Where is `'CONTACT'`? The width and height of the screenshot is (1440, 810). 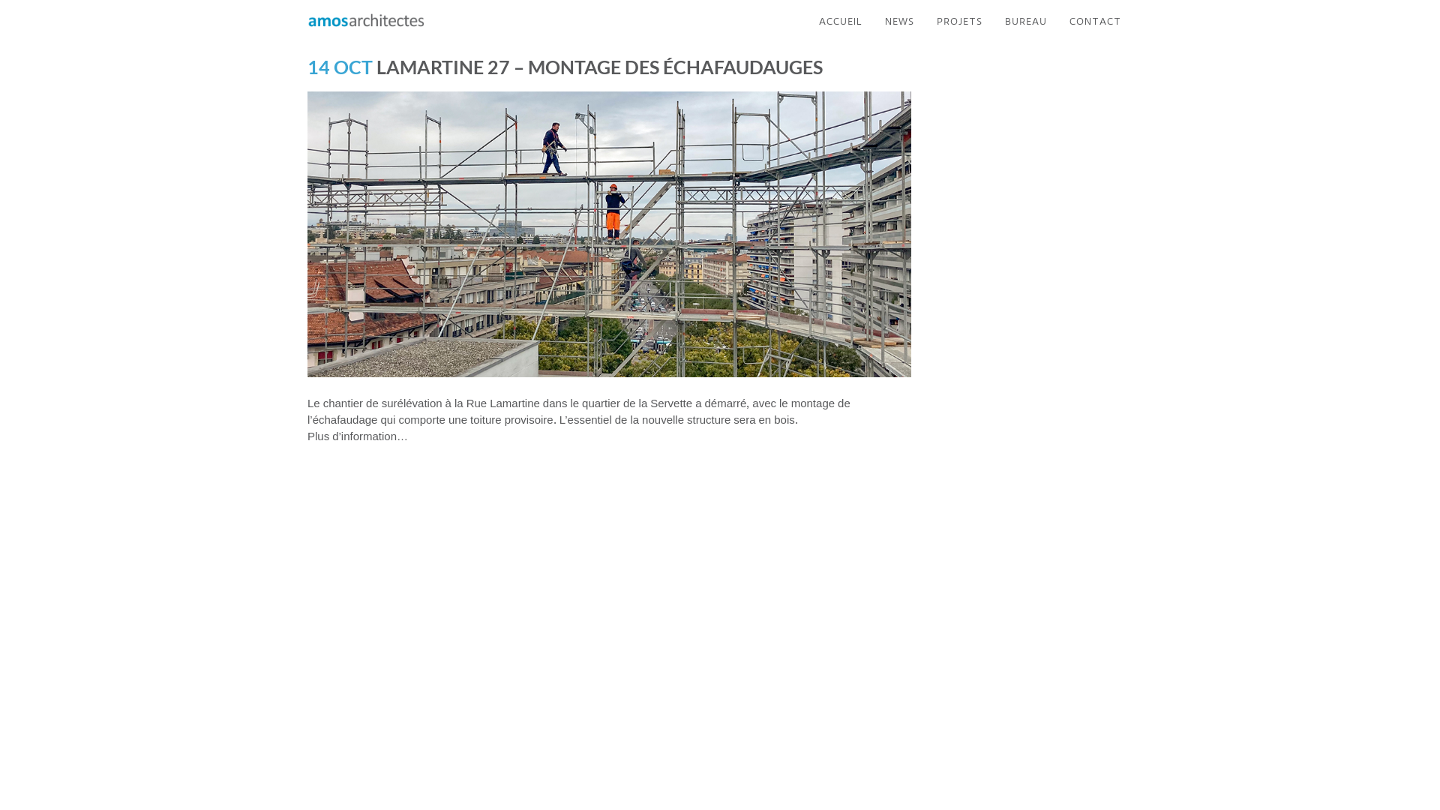
'CONTACT' is located at coordinates (1095, 21).